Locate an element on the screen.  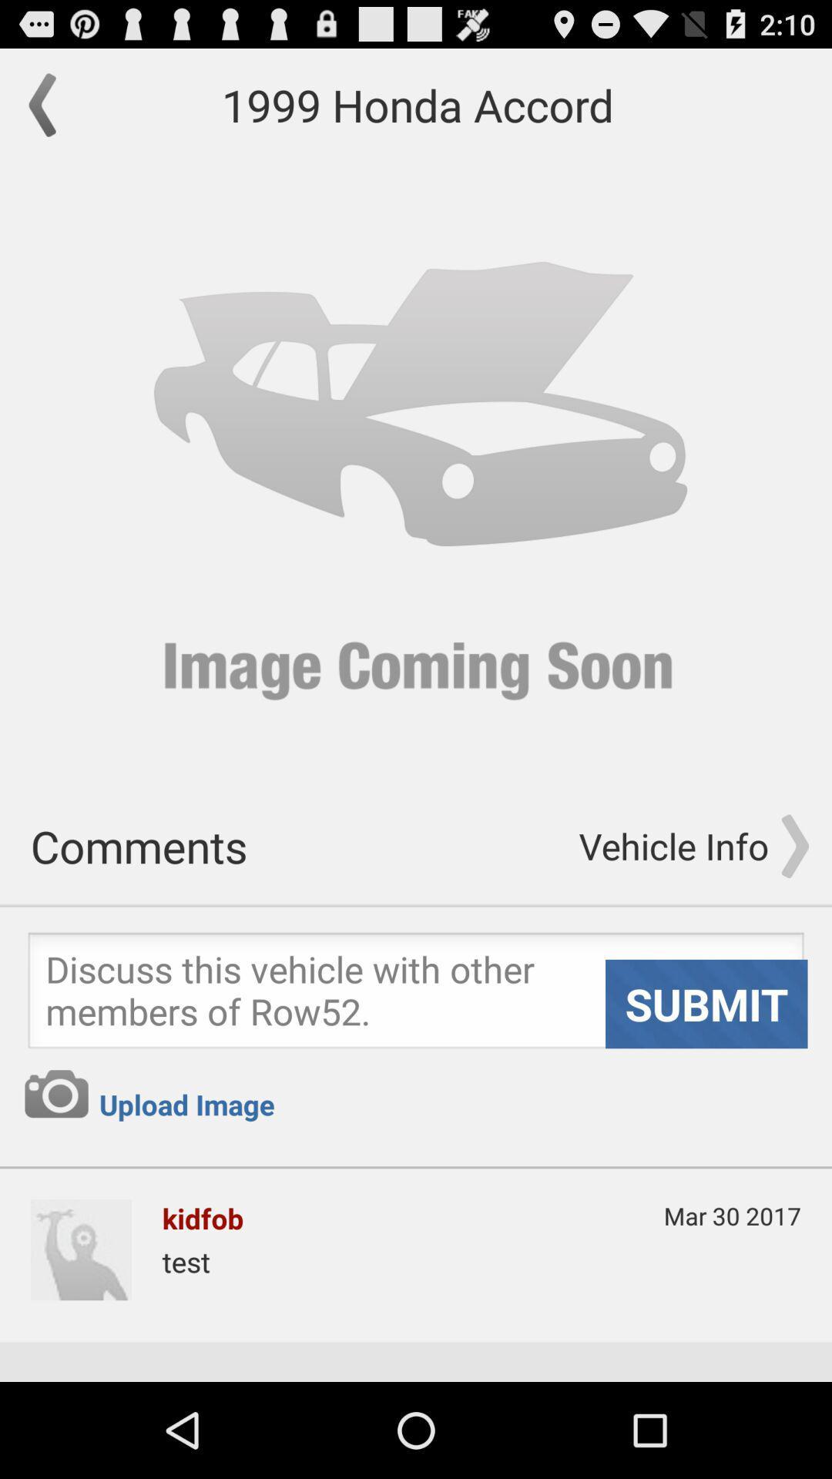
go do geamare is located at coordinates (55, 1093).